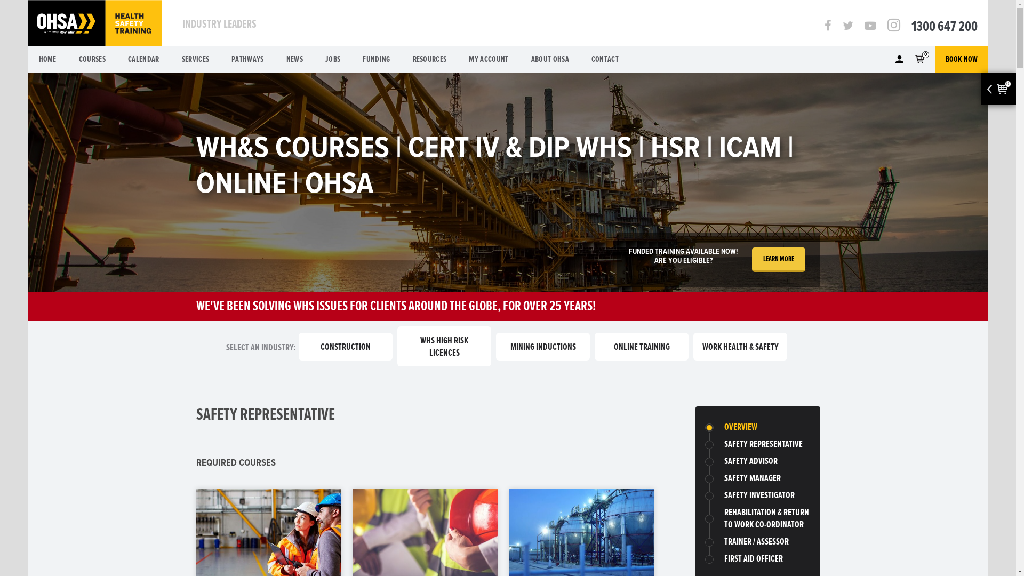 The image size is (1024, 576). Describe the element at coordinates (753, 558) in the screenshot. I see `'FIRST AID OFFICER'` at that location.